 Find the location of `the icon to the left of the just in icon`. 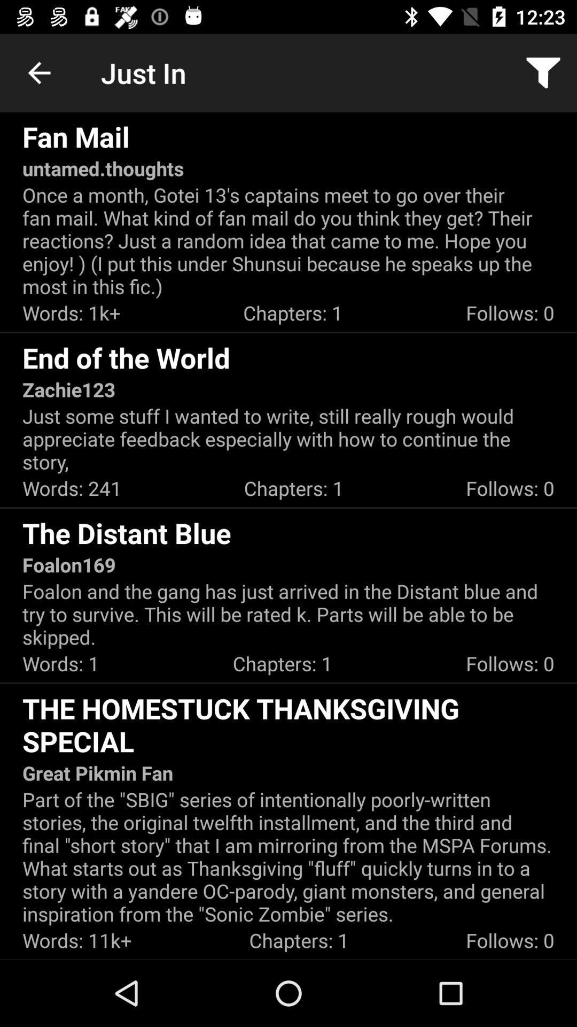

the icon to the left of the just in icon is located at coordinates (38, 72).